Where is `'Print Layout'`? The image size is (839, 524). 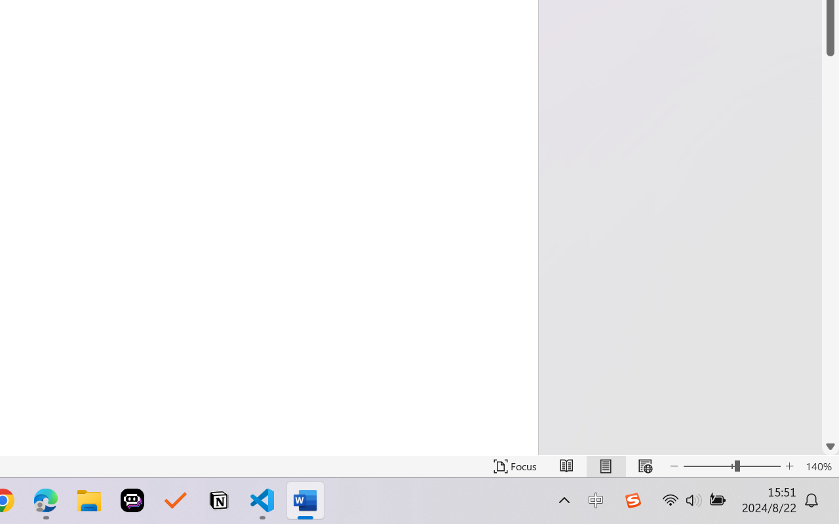
'Print Layout' is located at coordinates (605, 466).